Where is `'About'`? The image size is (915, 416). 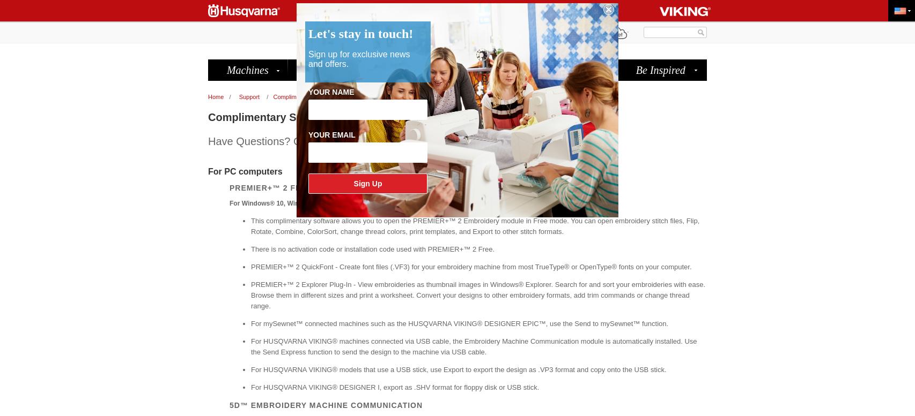
'About' is located at coordinates (389, 32).